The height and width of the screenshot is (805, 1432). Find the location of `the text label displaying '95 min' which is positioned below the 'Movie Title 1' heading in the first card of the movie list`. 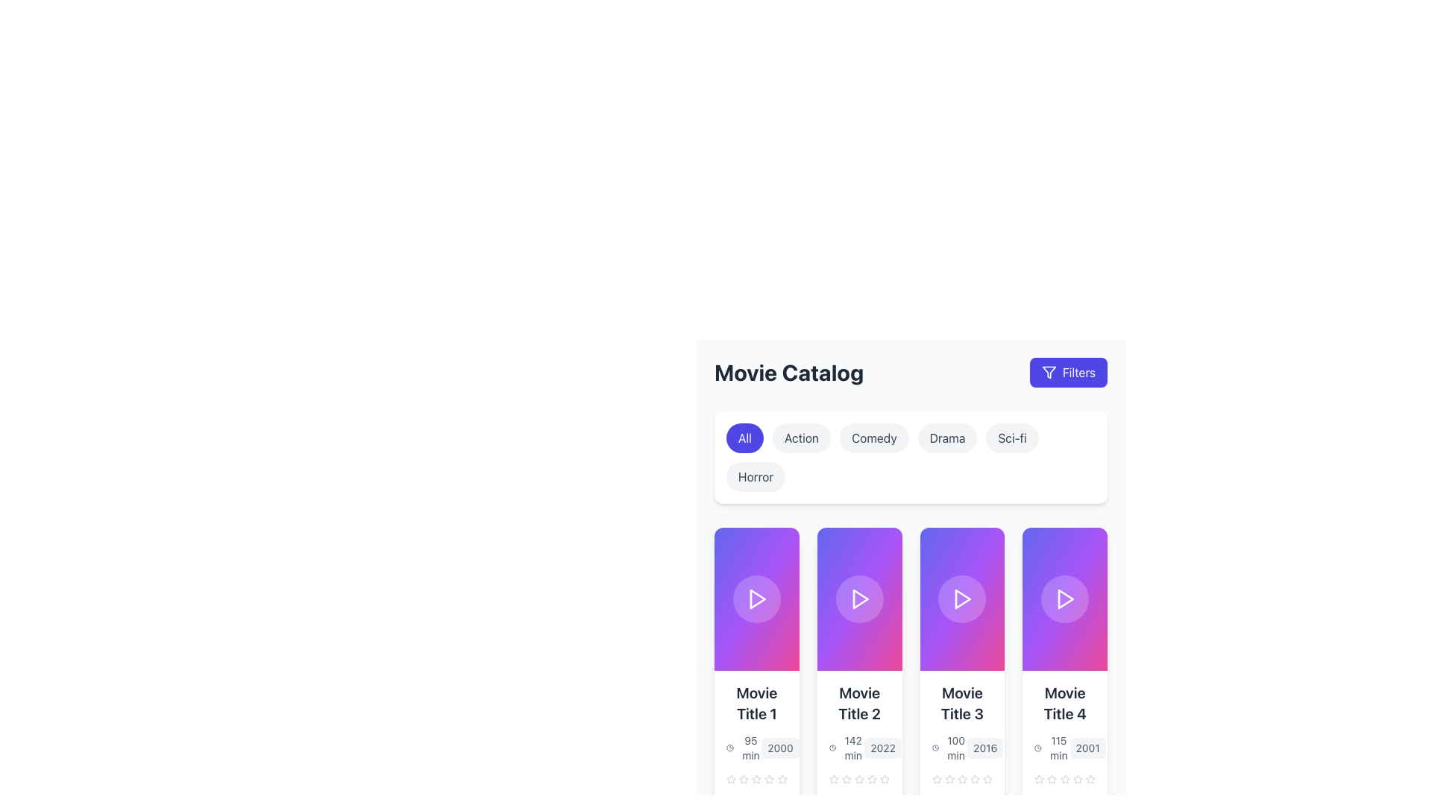

the text label displaying '95 min' which is positioned below the 'Movie Title 1' heading in the first card of the movie list is located at coordinates (750, 748).